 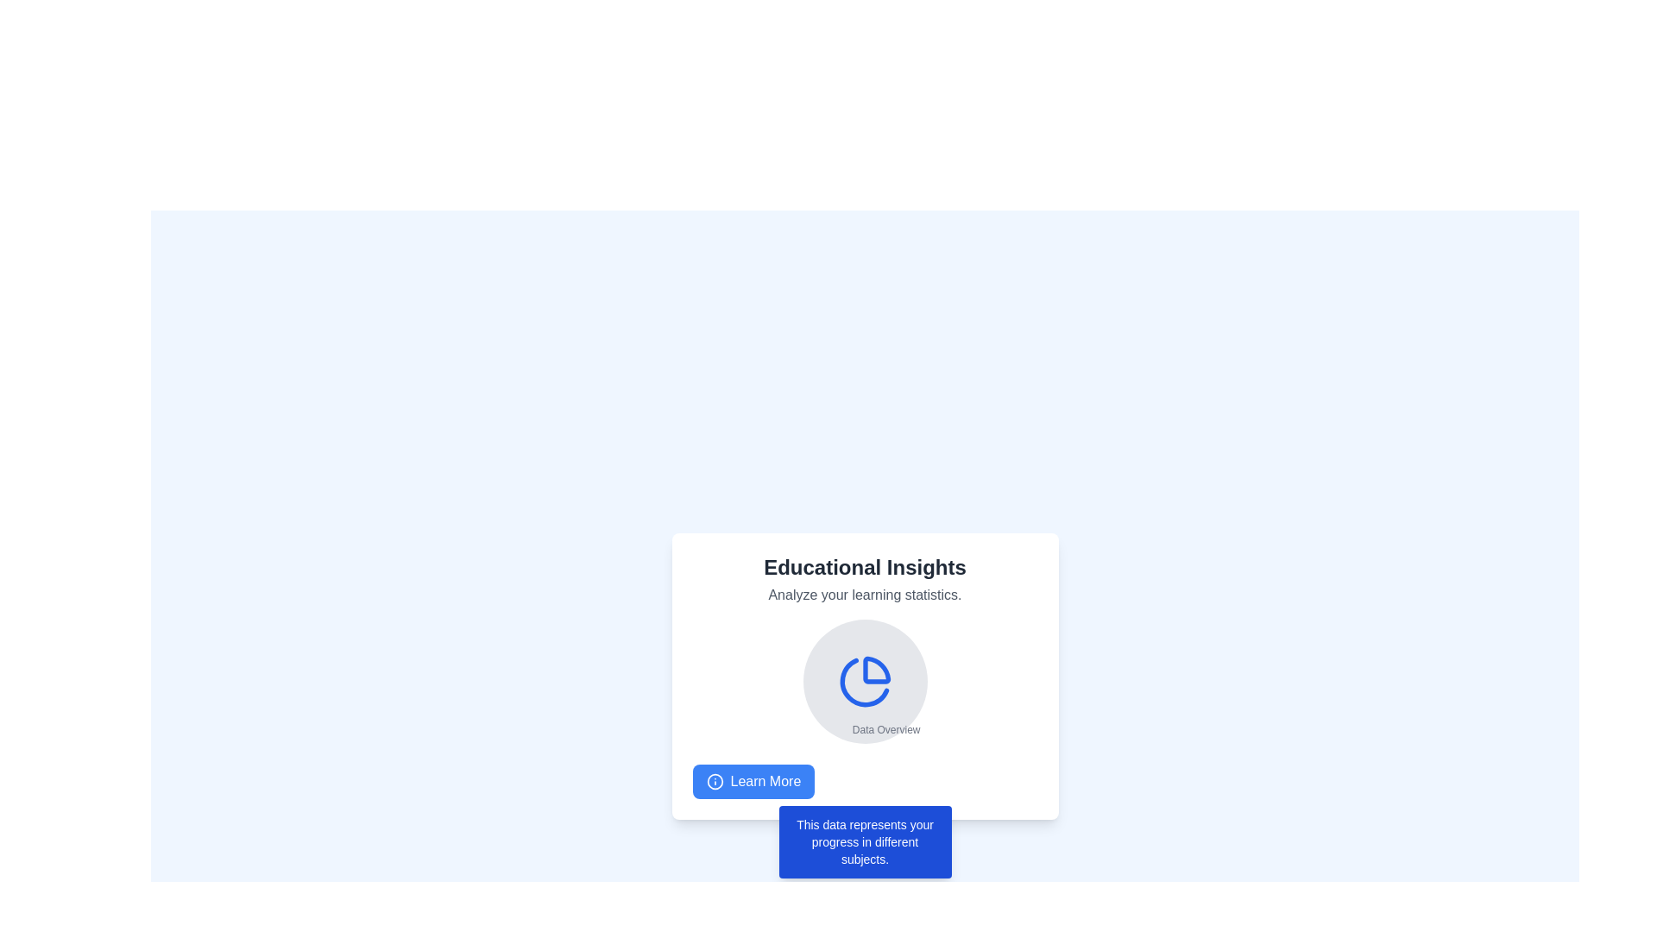 What do you see at coordinates (865, 681) in the screenshot?
I see `the Icon with Label representing data analysis` at bounding box center [865, 681].